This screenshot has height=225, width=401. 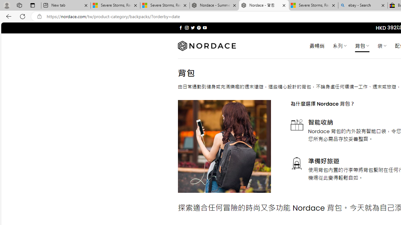 I want to click on 'Tab actions menu', so click(x=32, y=5).